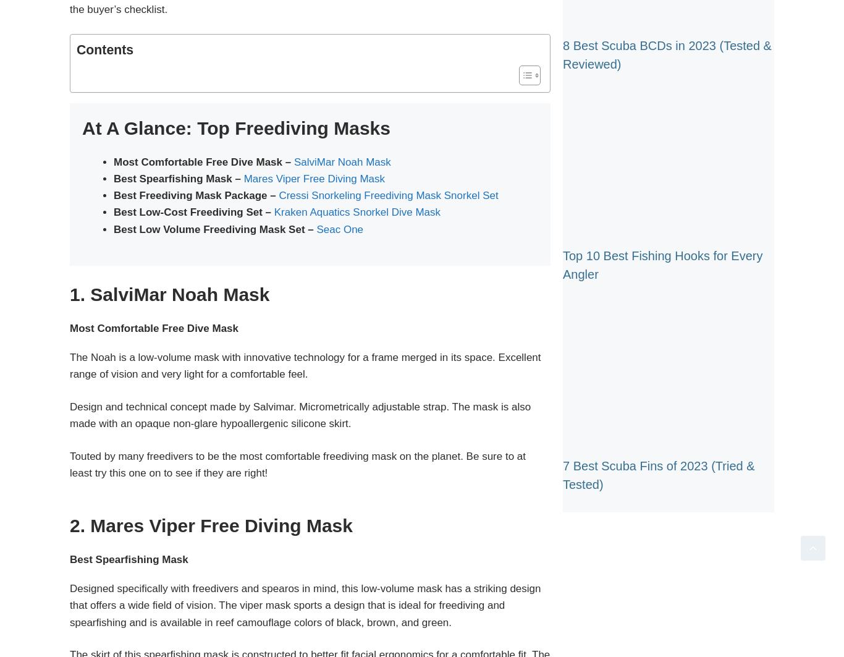 The image size is (844, 657). Describe the element at coordinates (387, 195) in the screenshot. I see `'Cressi Snorkeling Freediving Mask Snorkel Set'` at that location.